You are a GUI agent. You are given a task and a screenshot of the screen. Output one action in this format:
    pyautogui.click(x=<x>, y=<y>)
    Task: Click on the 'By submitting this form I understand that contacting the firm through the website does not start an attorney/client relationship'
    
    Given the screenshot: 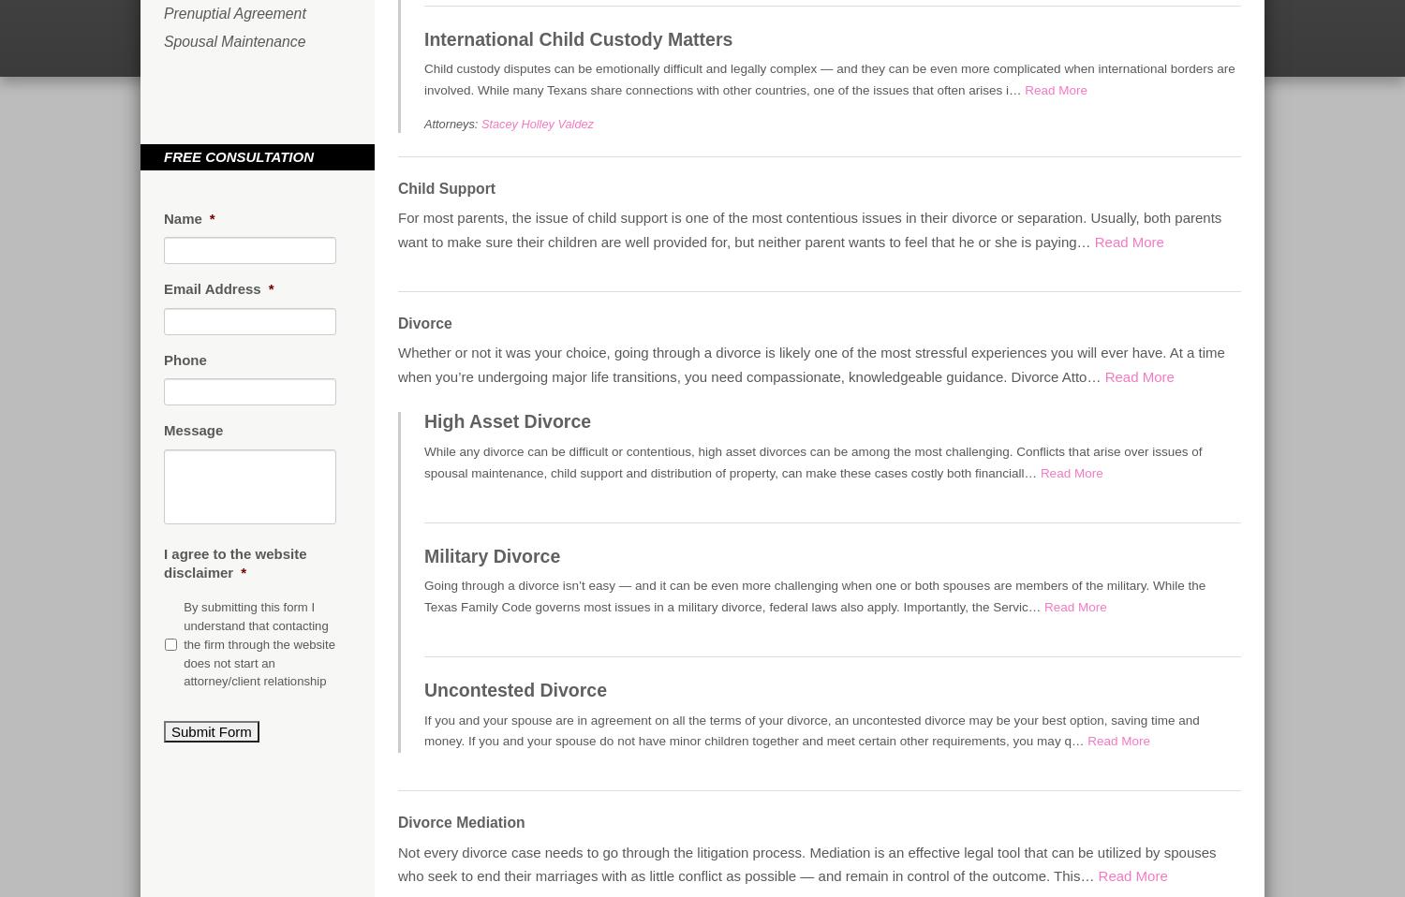 What is the action you would take?
    pyautogui.click(x=259, y=643)
    